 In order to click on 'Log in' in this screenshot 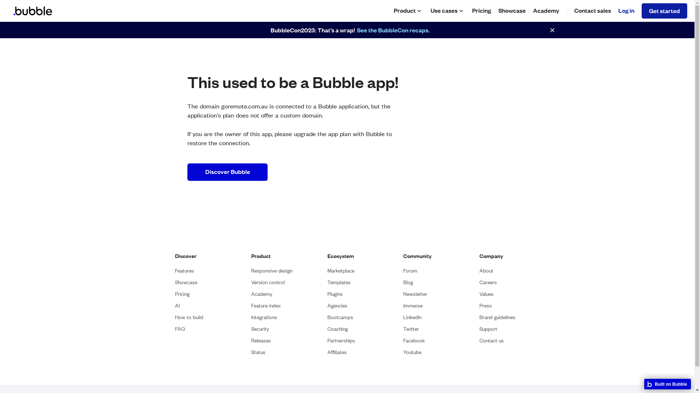, I will do `click(626, 11)`.